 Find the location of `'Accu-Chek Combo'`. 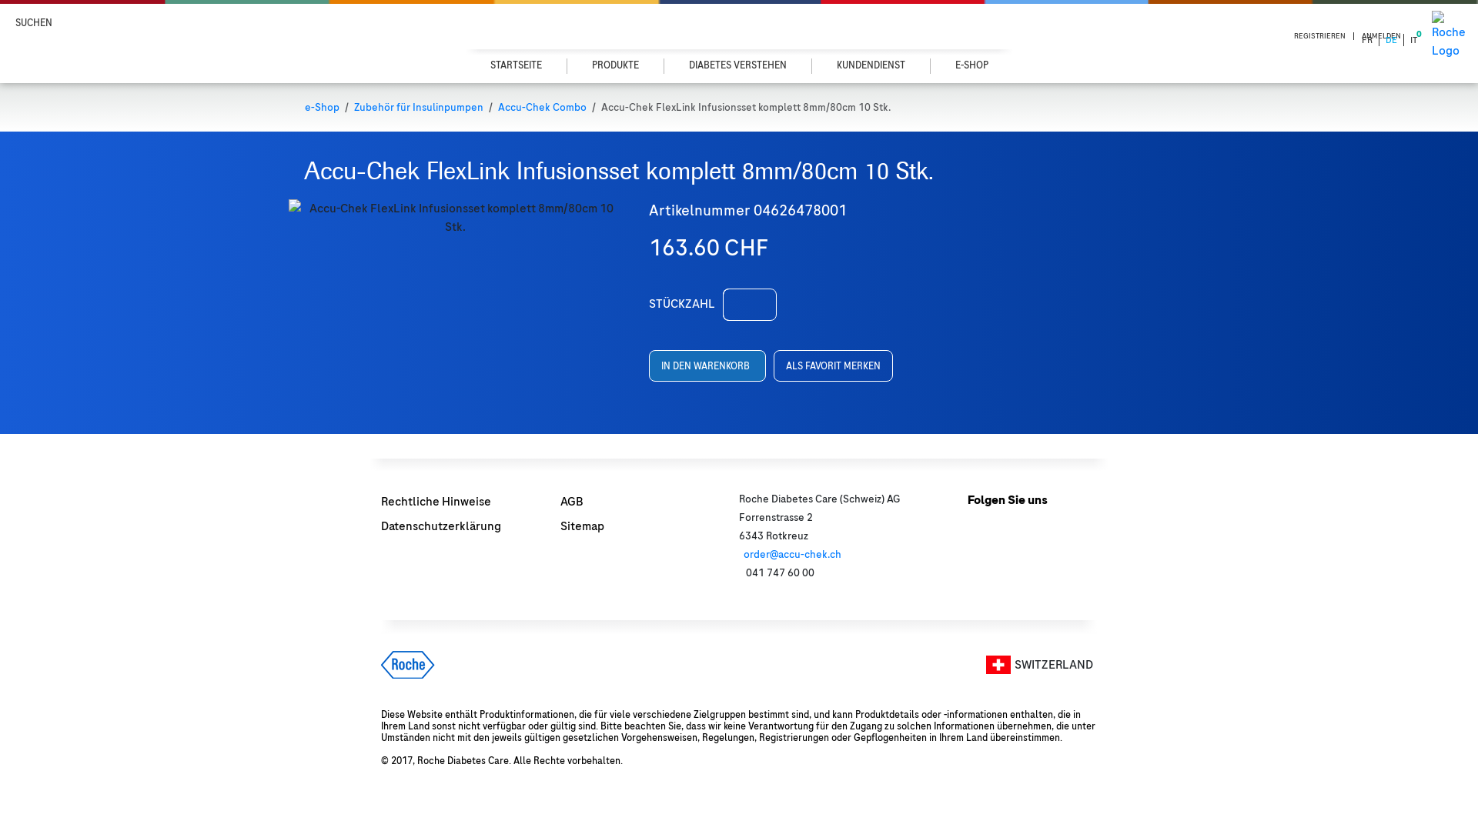

'Accu-Chek Combo' is located at coordinates (498, 106).